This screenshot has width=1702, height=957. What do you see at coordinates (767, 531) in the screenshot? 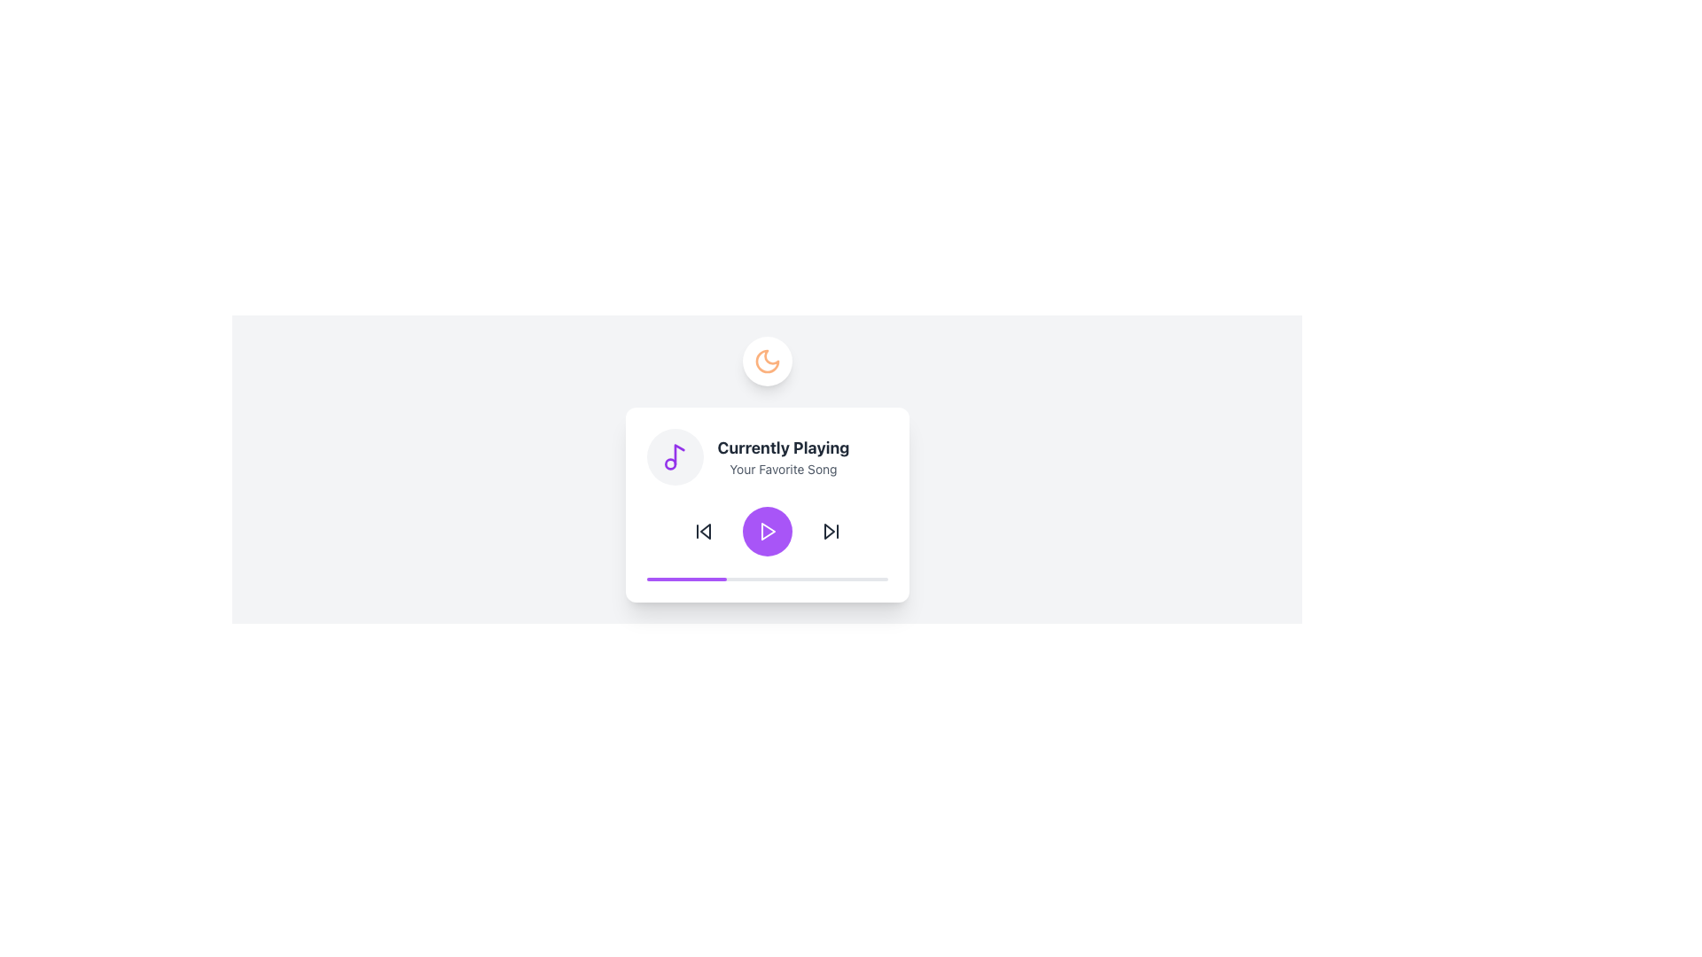
I see `the play icon, which is a right-angled triangle located at the center of a circular button in the audio player interface` at bounding box center [767, 531].